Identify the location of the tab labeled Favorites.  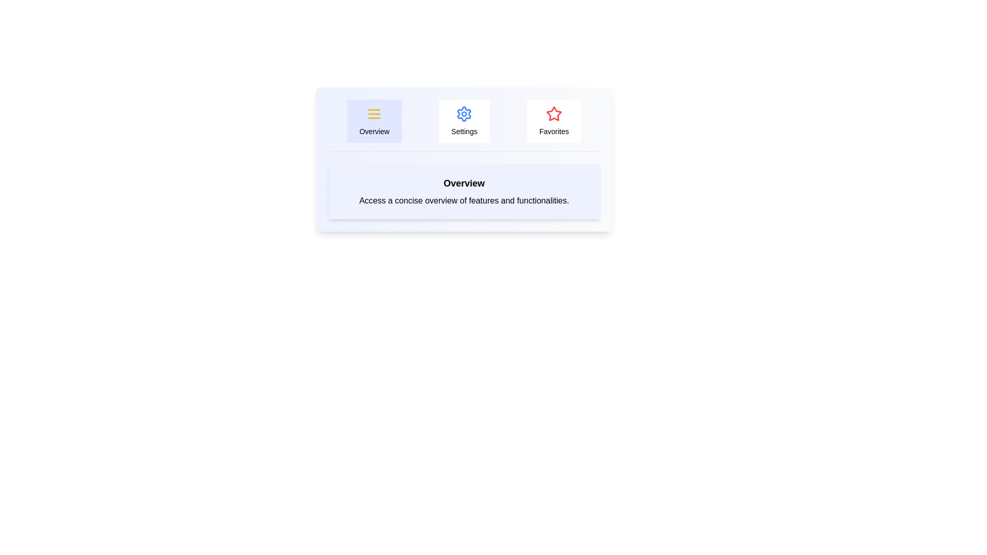
(554, 120).